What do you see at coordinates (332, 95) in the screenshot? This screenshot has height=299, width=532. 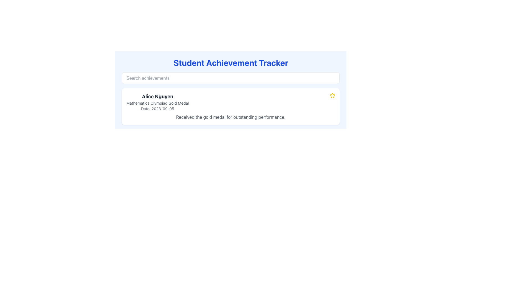 I see `the decorative star icon located at the bottom-right of the content card showcasing Alice Nguyen's achievement details` at bounding box center [332, 95].